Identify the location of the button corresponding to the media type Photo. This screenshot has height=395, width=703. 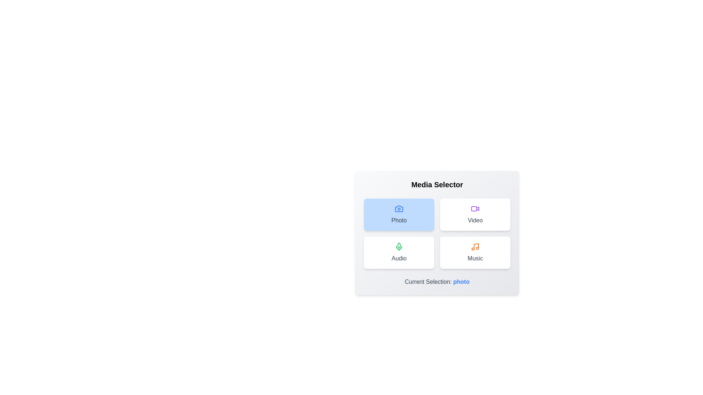
(398, 214).